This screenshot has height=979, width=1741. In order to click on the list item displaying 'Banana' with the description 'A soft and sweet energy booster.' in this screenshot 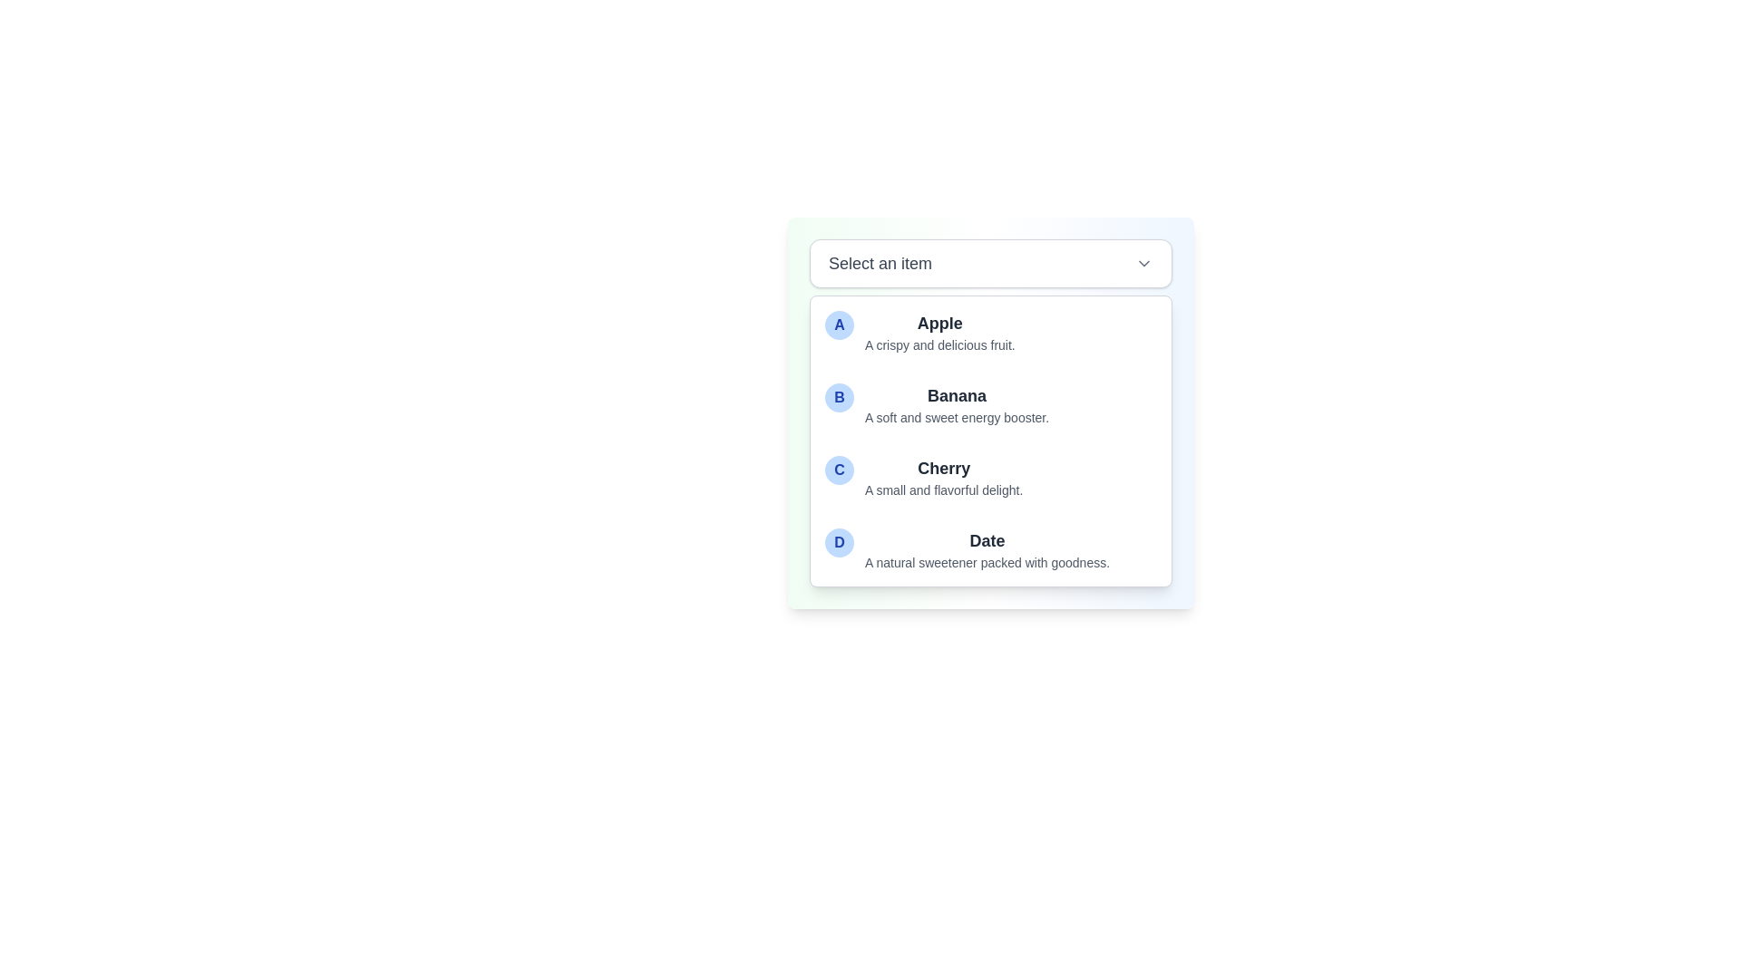, I will do `click(990, 412)`.